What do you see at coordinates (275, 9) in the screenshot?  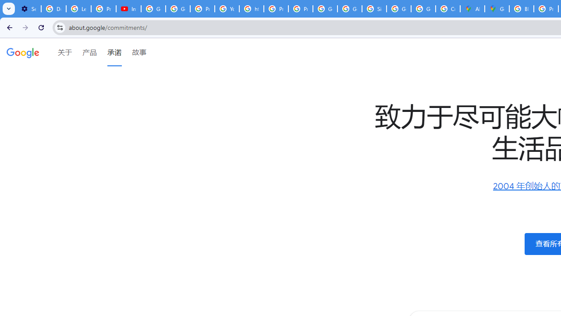 I see `'Privacy Help Center - Policies Help'` at bounding box center [275, 9].